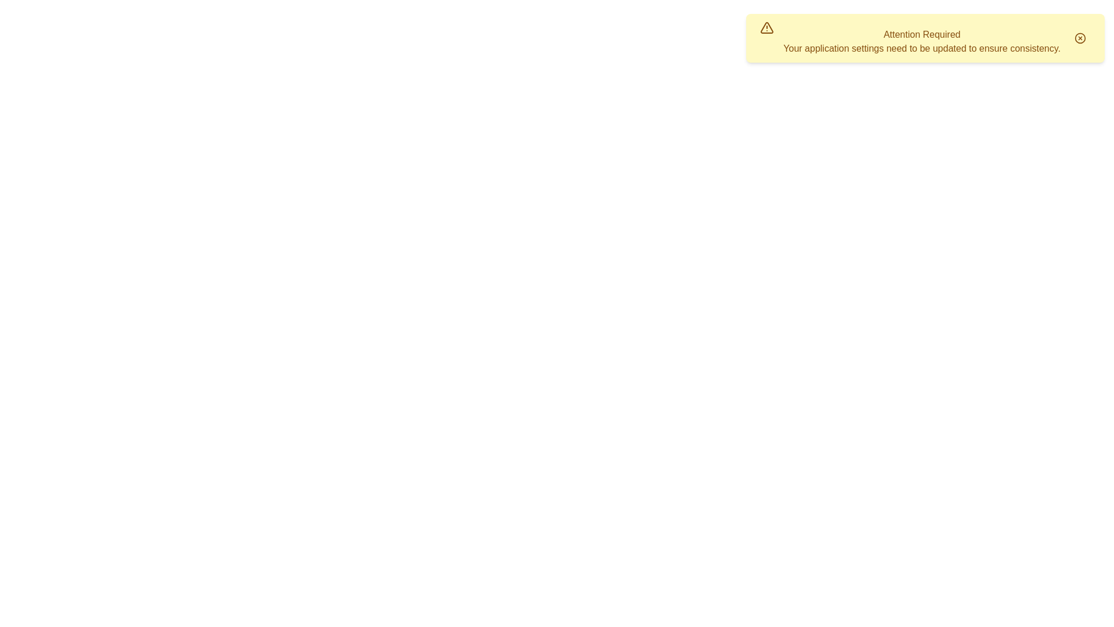  Describe the element at coordinates (767, 27) in the screenshot. I see `the triangular warning icon located in the top-right corner of the interface, which is part of a yellow notification banner indicating urgent attention is required` at that location.